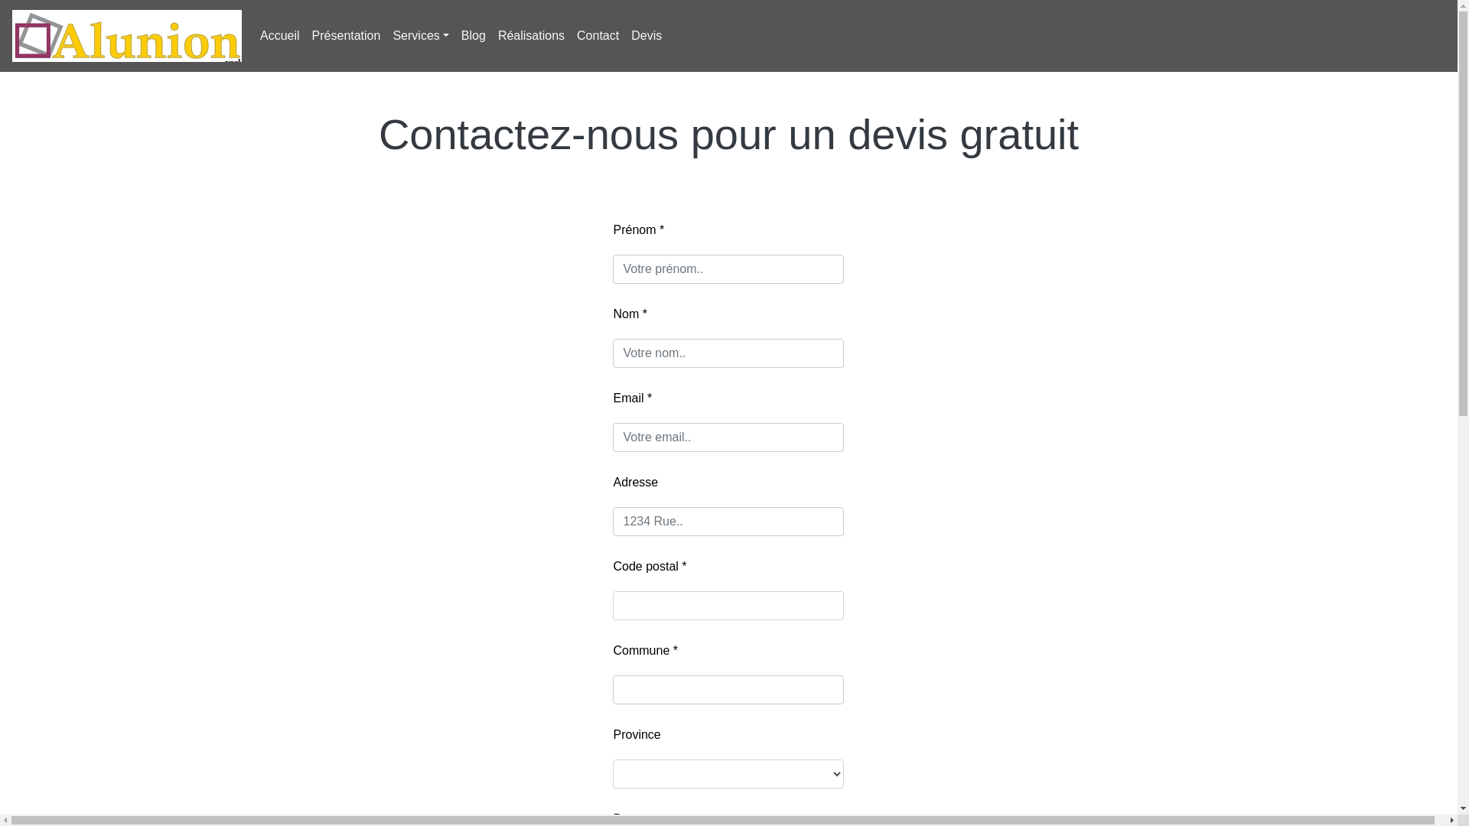 The width and height of the screenshot is (1469, 826). Describe the element at coordinates (279, 34) in the screenshot. I see `'Accueil'` at that location.